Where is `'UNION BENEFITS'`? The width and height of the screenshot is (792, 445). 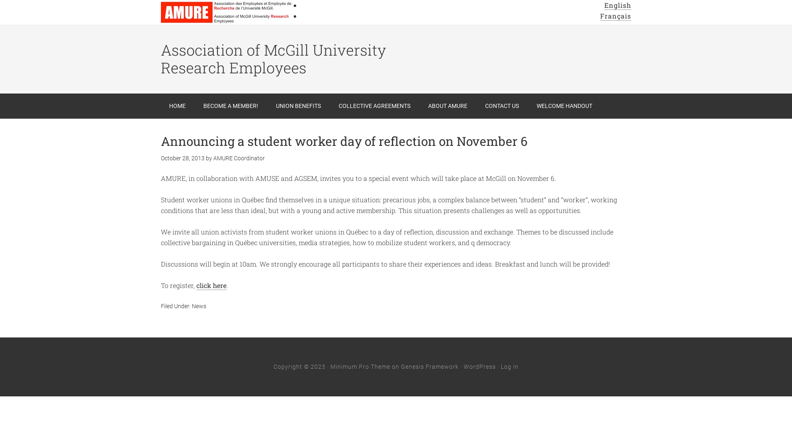 'UNION BENEFITS' is located at coordinates (267, 105).